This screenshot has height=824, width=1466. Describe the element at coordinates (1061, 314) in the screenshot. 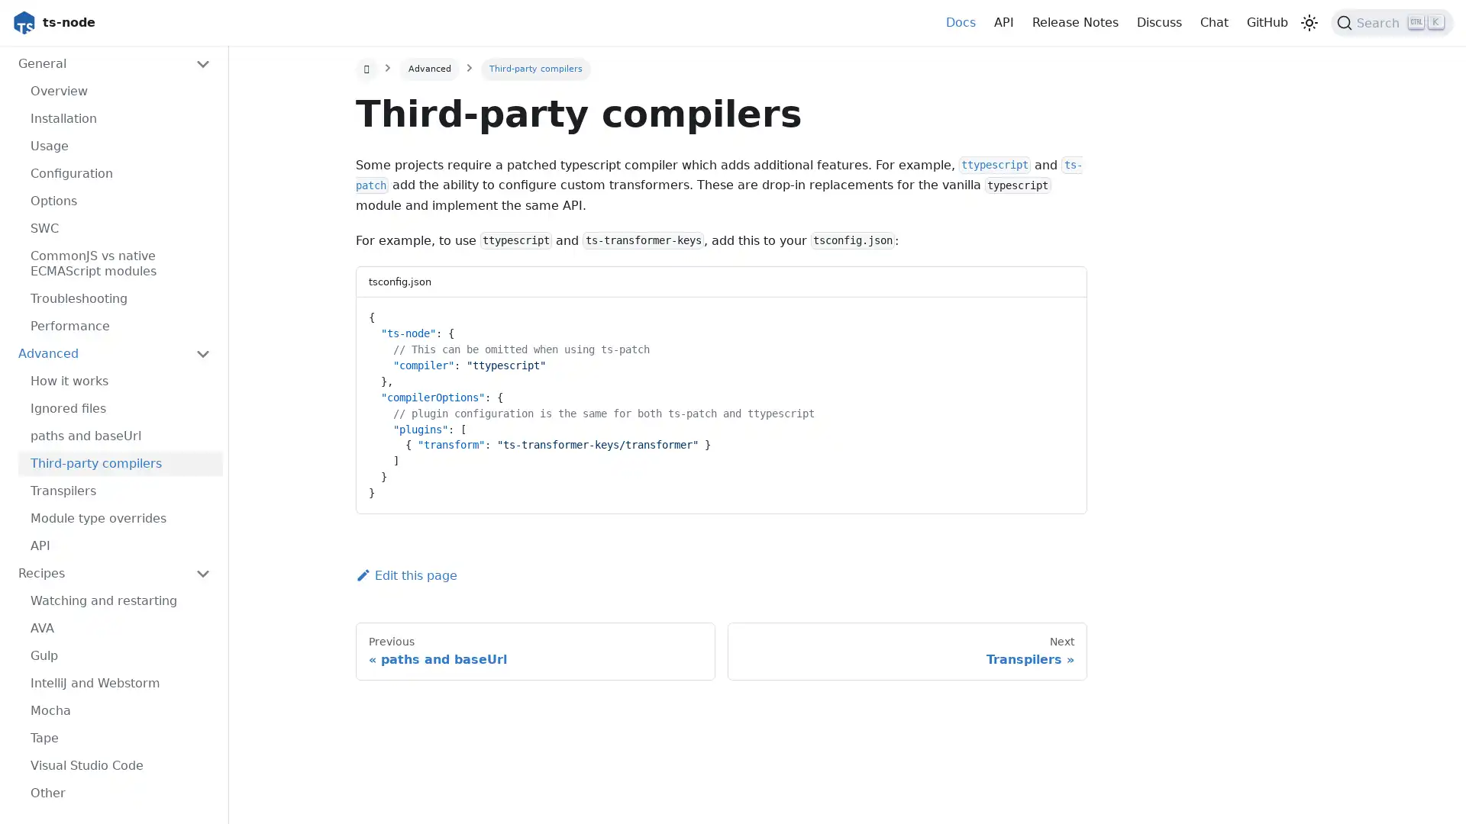

I see `Copy code to clipboard` at that location.